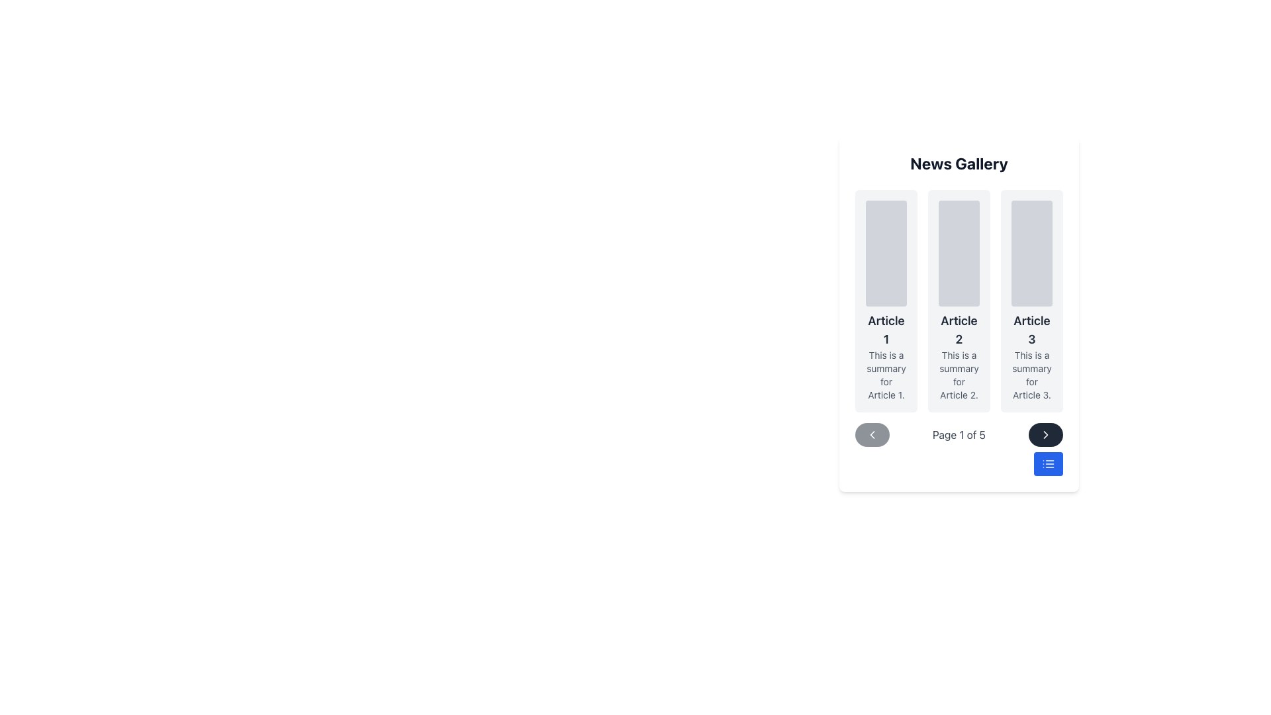  I want to click on the right-facing chevron arrow icon located on the rounded dark gray button in the navigation footer, adjacent to the 'Page 1 of 5' text, so click(1045, 434).